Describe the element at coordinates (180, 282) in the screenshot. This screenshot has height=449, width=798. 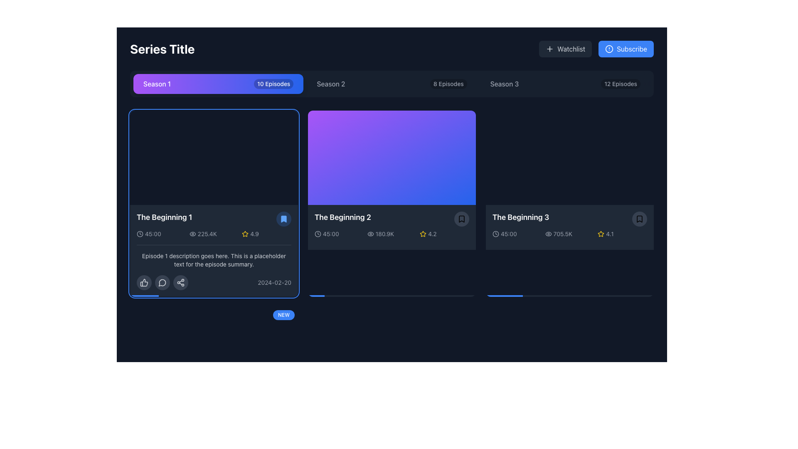
I see `the third circular button from the left located at the bottom left of the card for 'The Beginning 1'` at that location.